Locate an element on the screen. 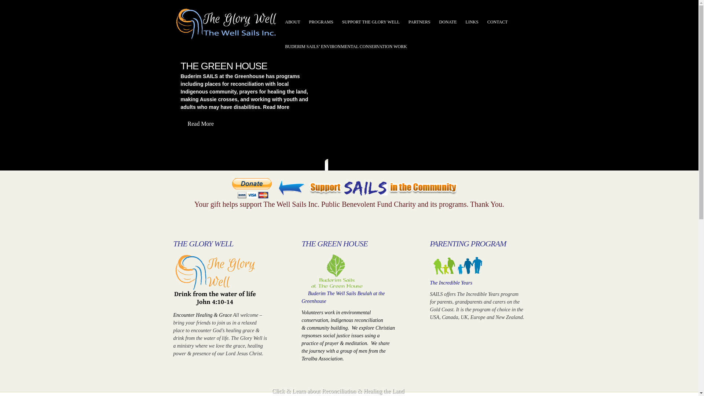 This screenshot has width=704, height=396. '3' is located at coordinates (348, 166).